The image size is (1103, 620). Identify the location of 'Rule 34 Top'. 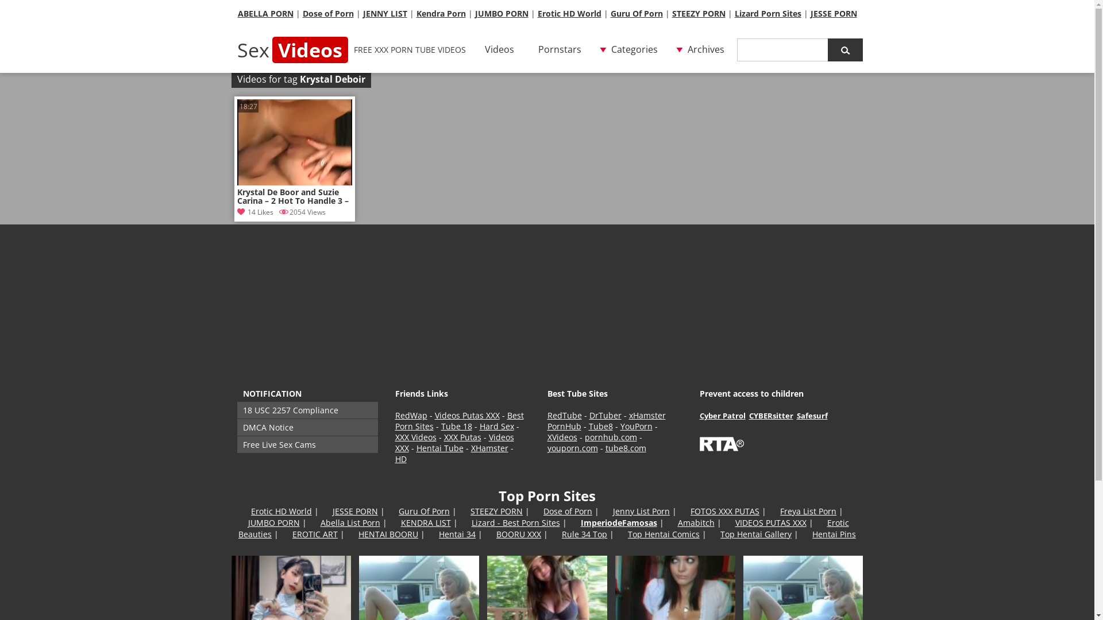
(584, 534).